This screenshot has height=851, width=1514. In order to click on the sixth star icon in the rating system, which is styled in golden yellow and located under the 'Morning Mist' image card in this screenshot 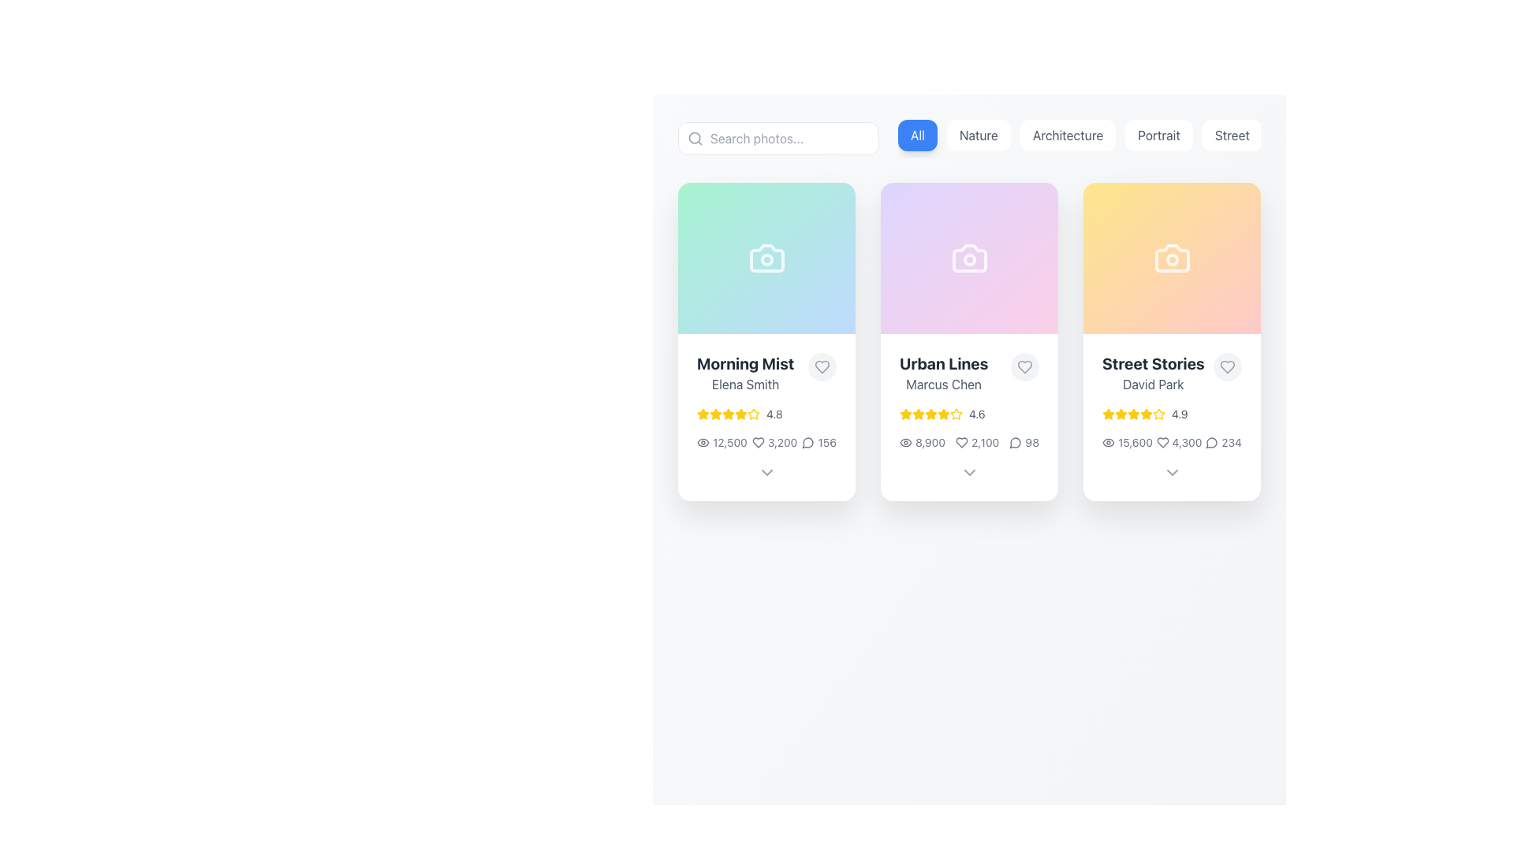, I will do `click(740, 413)`.